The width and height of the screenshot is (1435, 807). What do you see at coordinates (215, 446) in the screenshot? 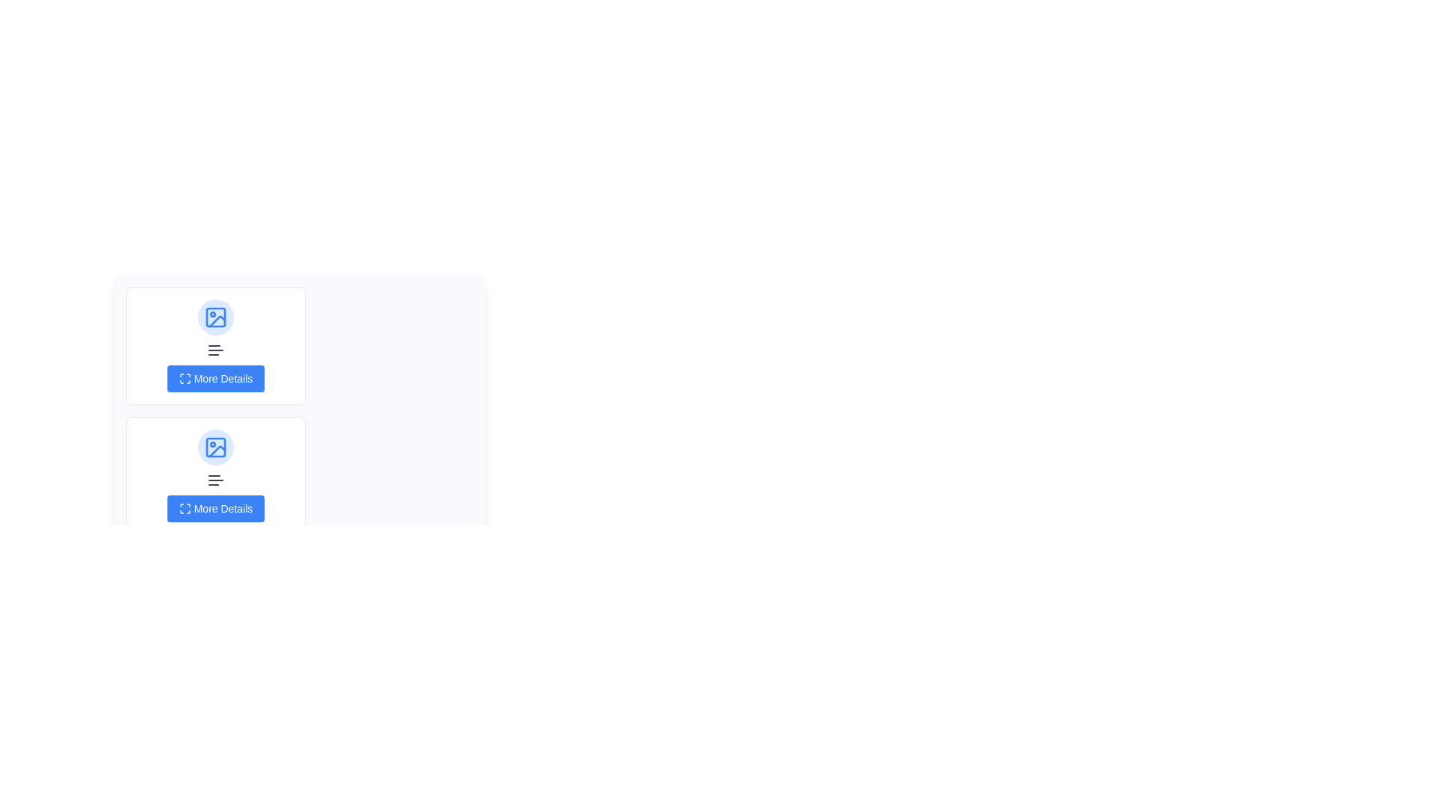
I see `the icon that represents interaction with images, located centrally within a circular background at the bottom tile of a vertically stacked list of cards` at bounding box center [215, 446].